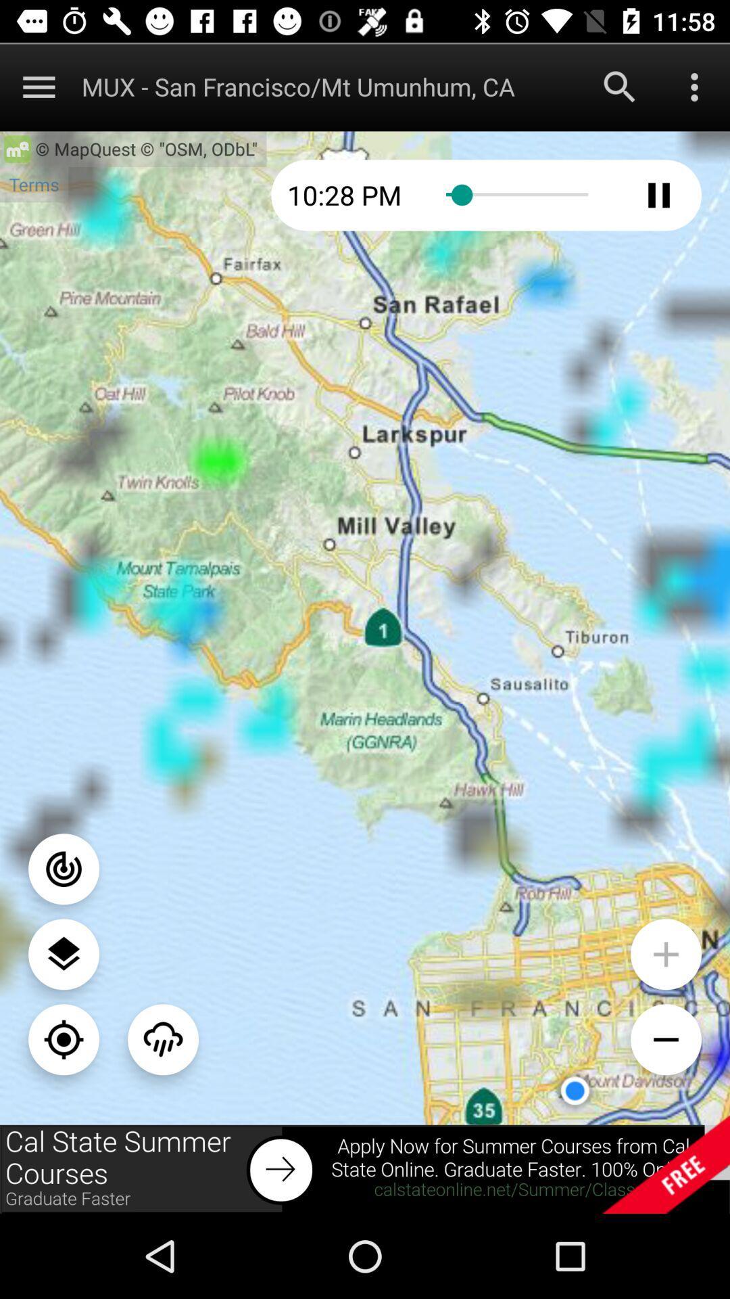 The image size is (730, 1299). I want to click on view advertisement, so click(365, 1168).